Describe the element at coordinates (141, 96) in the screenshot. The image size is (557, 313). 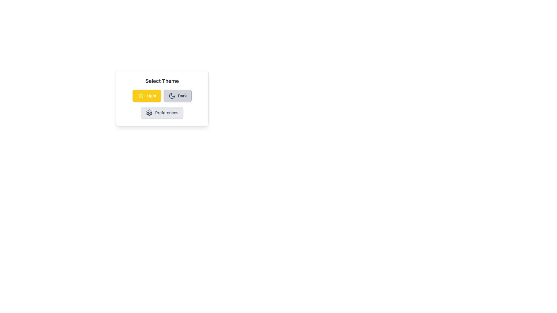
I see `the 'Light' theme icon located within the button labeled 'Light' at the center of the theme selection interface` at that location.